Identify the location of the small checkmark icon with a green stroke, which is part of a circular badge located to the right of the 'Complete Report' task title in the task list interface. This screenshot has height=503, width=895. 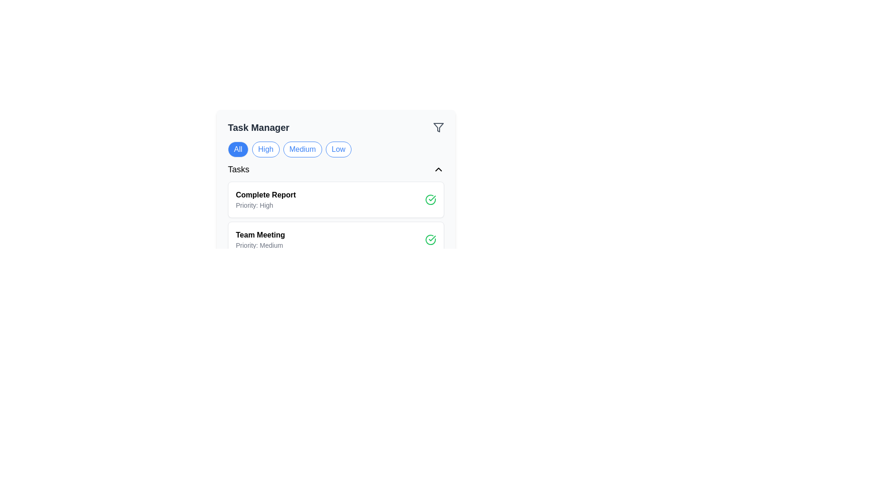
(432, 238).